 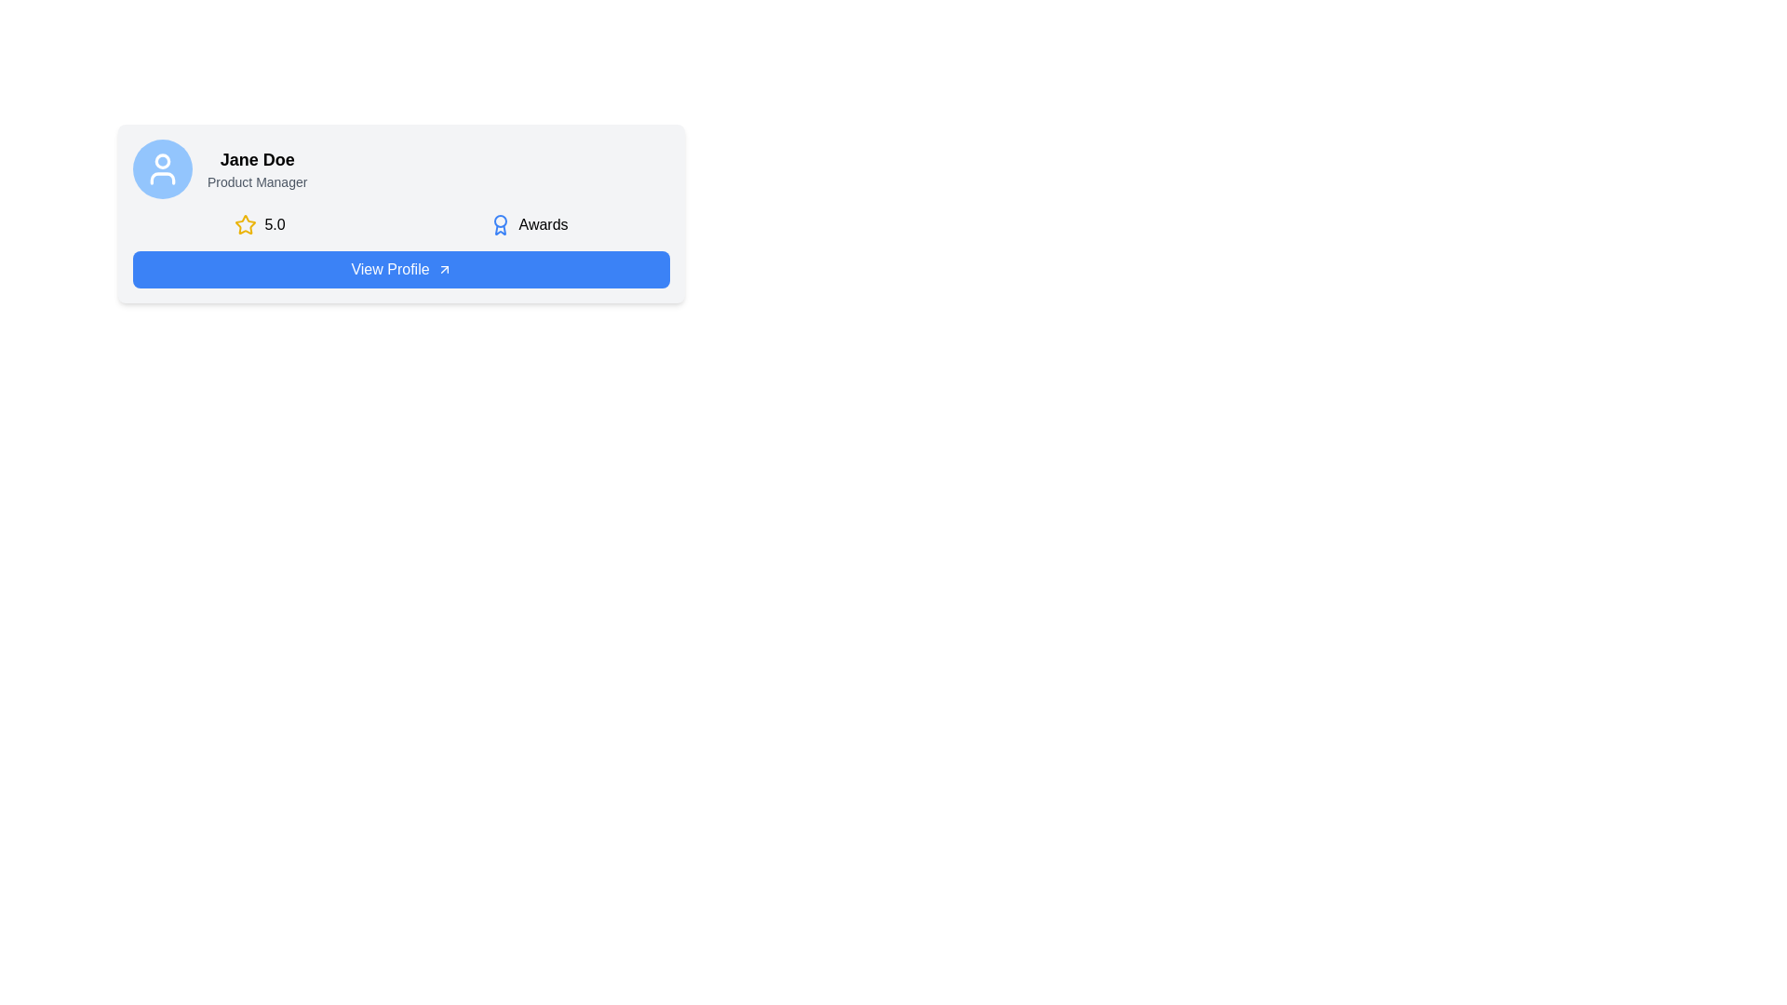 I want to click on the button that triggers access to the profile details of 'Jane Doe' to check for hover effects, so click(x=400, y=269).